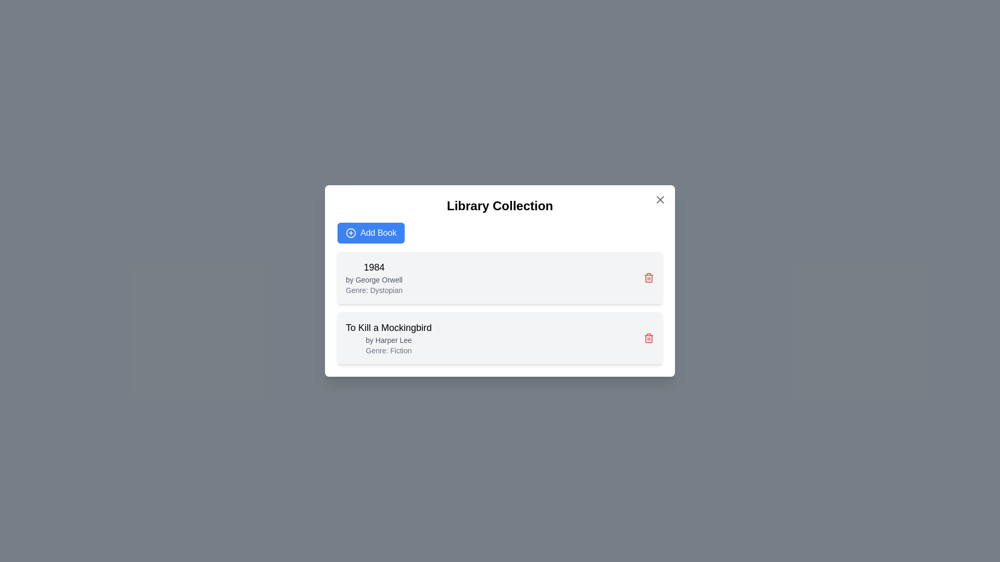  Describe the element at coordinates (374, 277) in the screenshot. I see `the informational text group providing details about a book in the 'Library Collection' modal, located above 'To Kill a Mockingbird'` at that location.